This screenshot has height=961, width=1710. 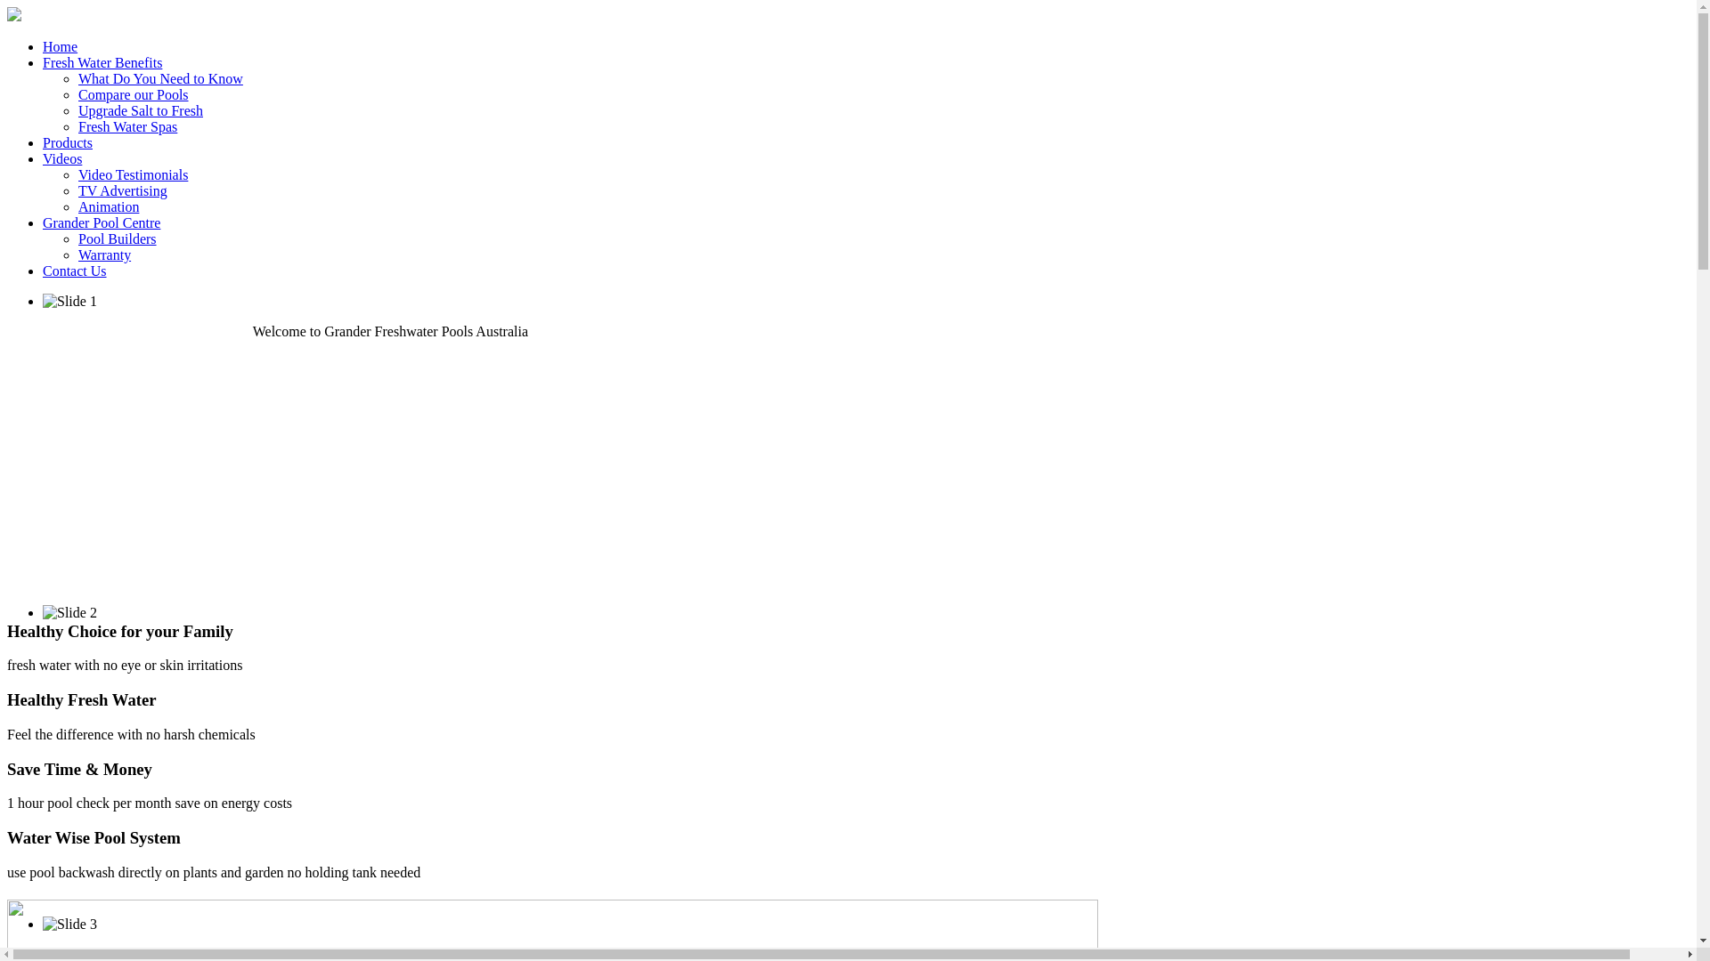 I want to click on 'Fresh Water Benefits', so click(x=102, y=61).